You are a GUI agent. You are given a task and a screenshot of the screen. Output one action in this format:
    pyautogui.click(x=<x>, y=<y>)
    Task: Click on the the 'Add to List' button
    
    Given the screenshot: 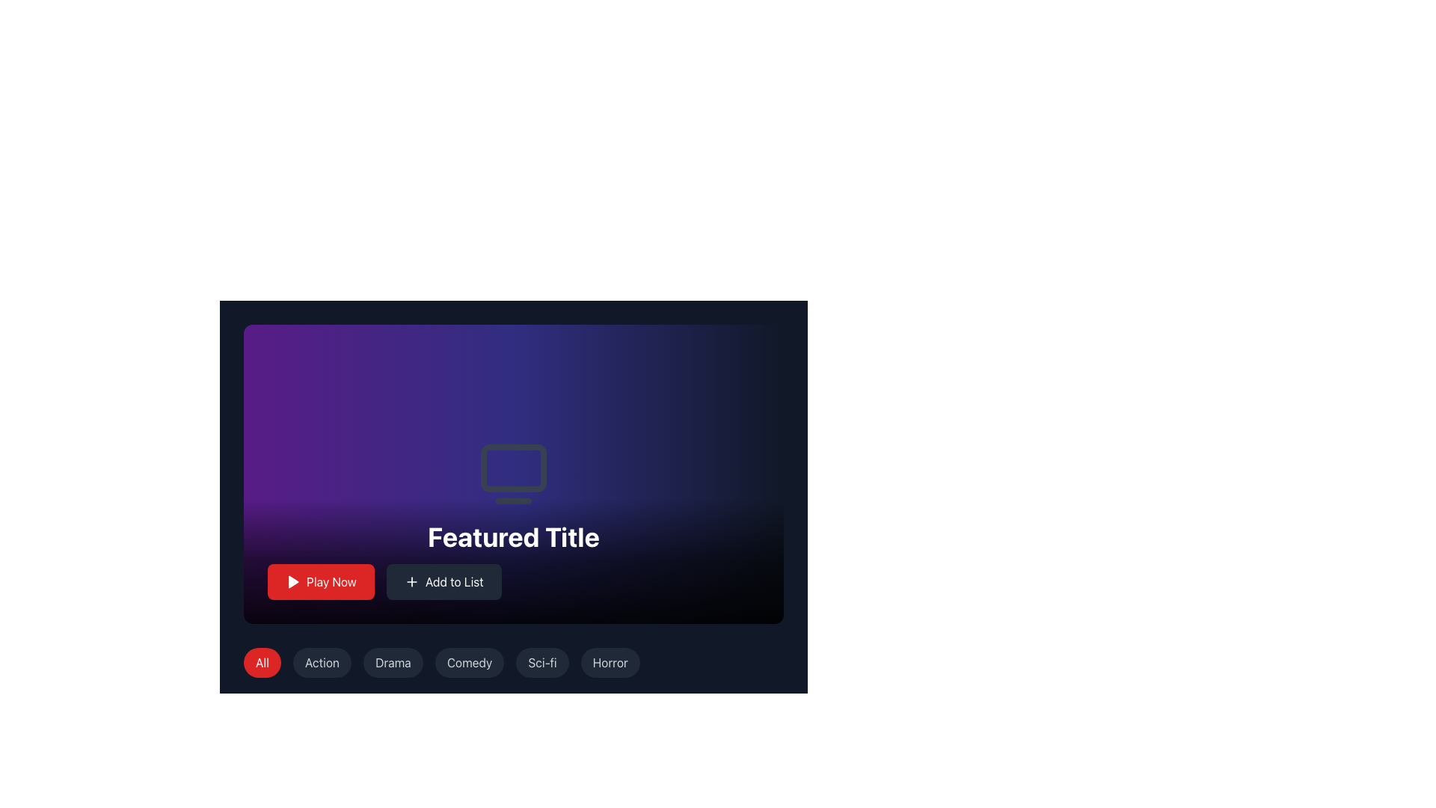 What is the action you would take?
    pyautogui.click(x=443, y=581)
    